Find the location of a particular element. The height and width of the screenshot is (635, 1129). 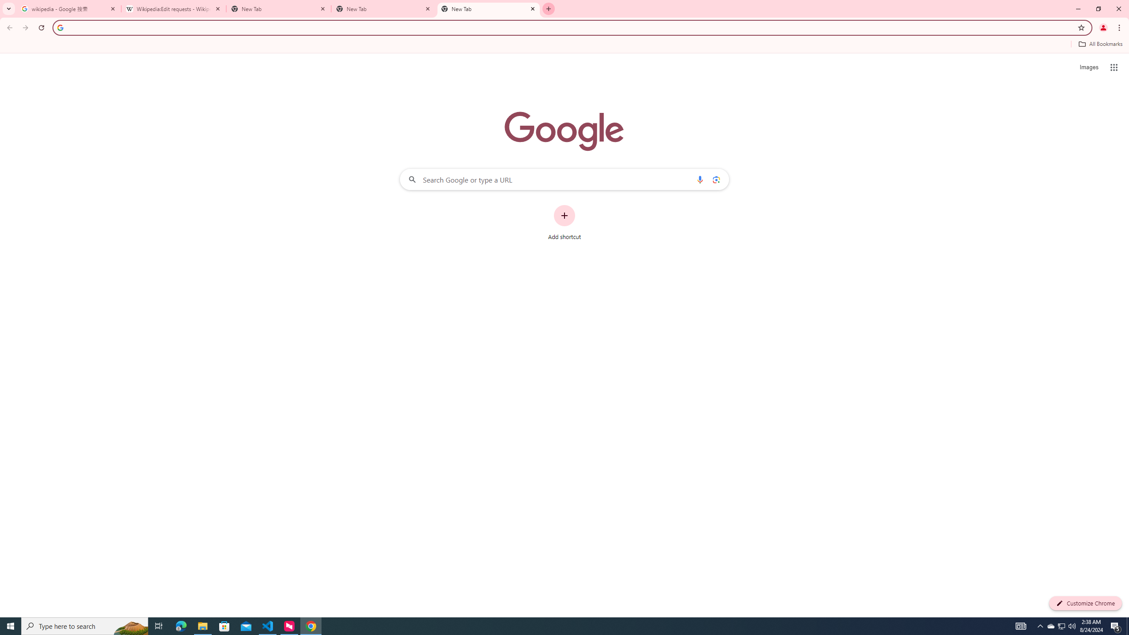

'New Tab' is located at coordinates (489, 8).